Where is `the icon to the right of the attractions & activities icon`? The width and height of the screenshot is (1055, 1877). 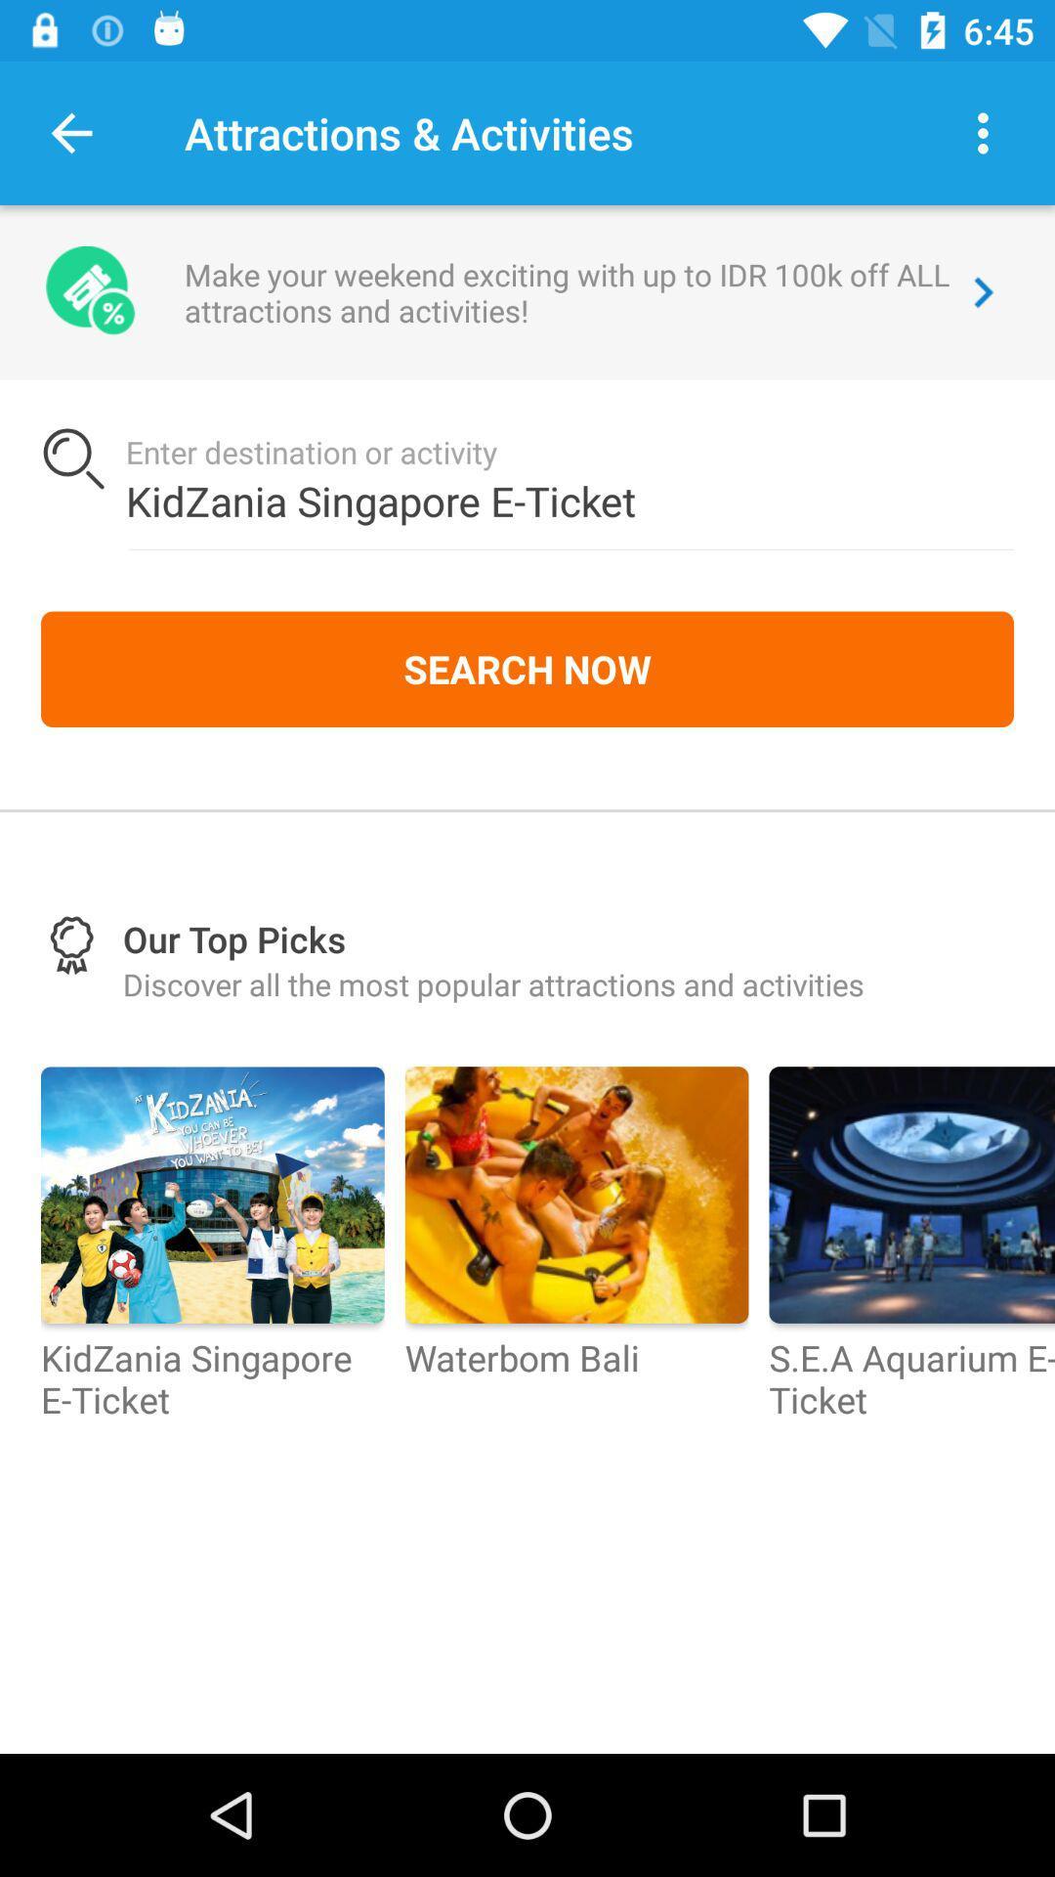 the icon to the right of the attractions & activities icon is located at coordinates (983, 132).